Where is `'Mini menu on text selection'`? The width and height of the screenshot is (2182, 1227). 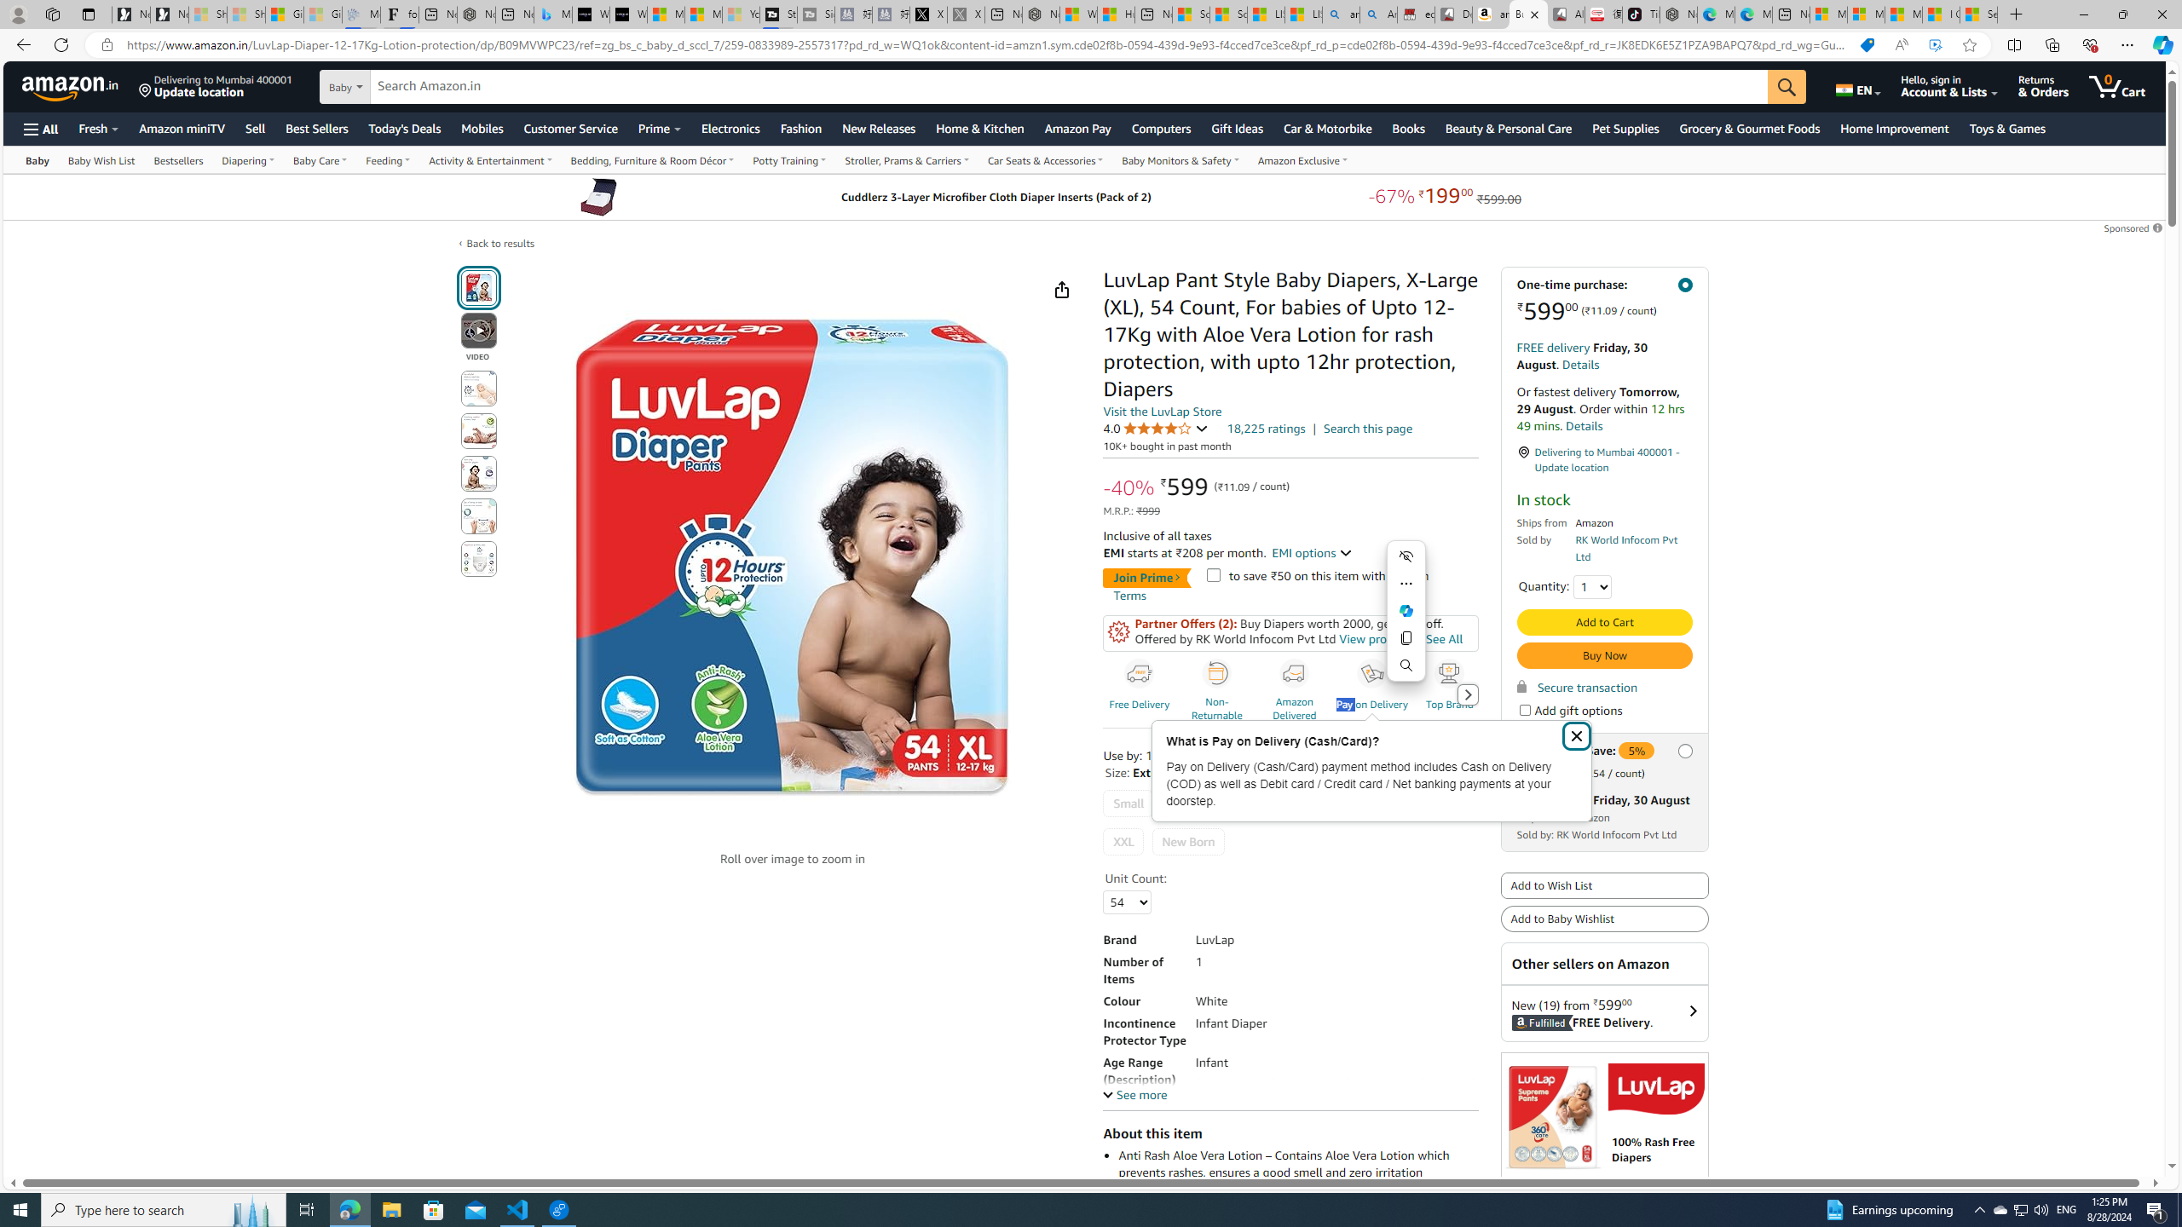
'Mini menu on text selection' is located at coordinates (1405, 619).